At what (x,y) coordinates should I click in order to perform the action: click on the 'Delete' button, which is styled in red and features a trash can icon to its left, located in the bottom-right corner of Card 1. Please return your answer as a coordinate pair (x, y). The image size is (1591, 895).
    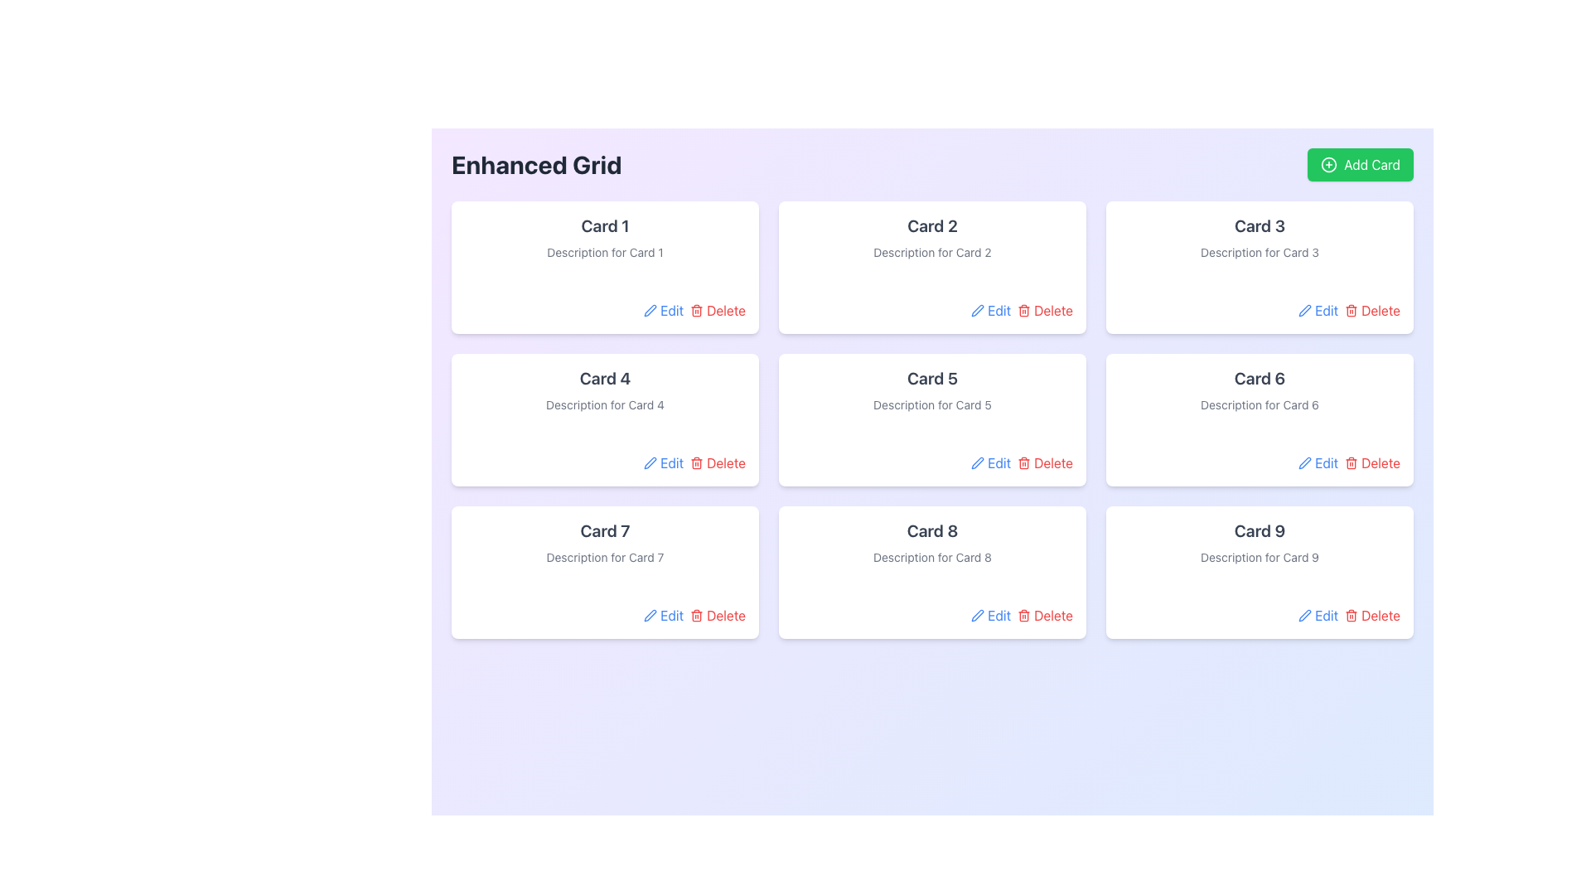
    Looking at the image, I should click on (718, 310).